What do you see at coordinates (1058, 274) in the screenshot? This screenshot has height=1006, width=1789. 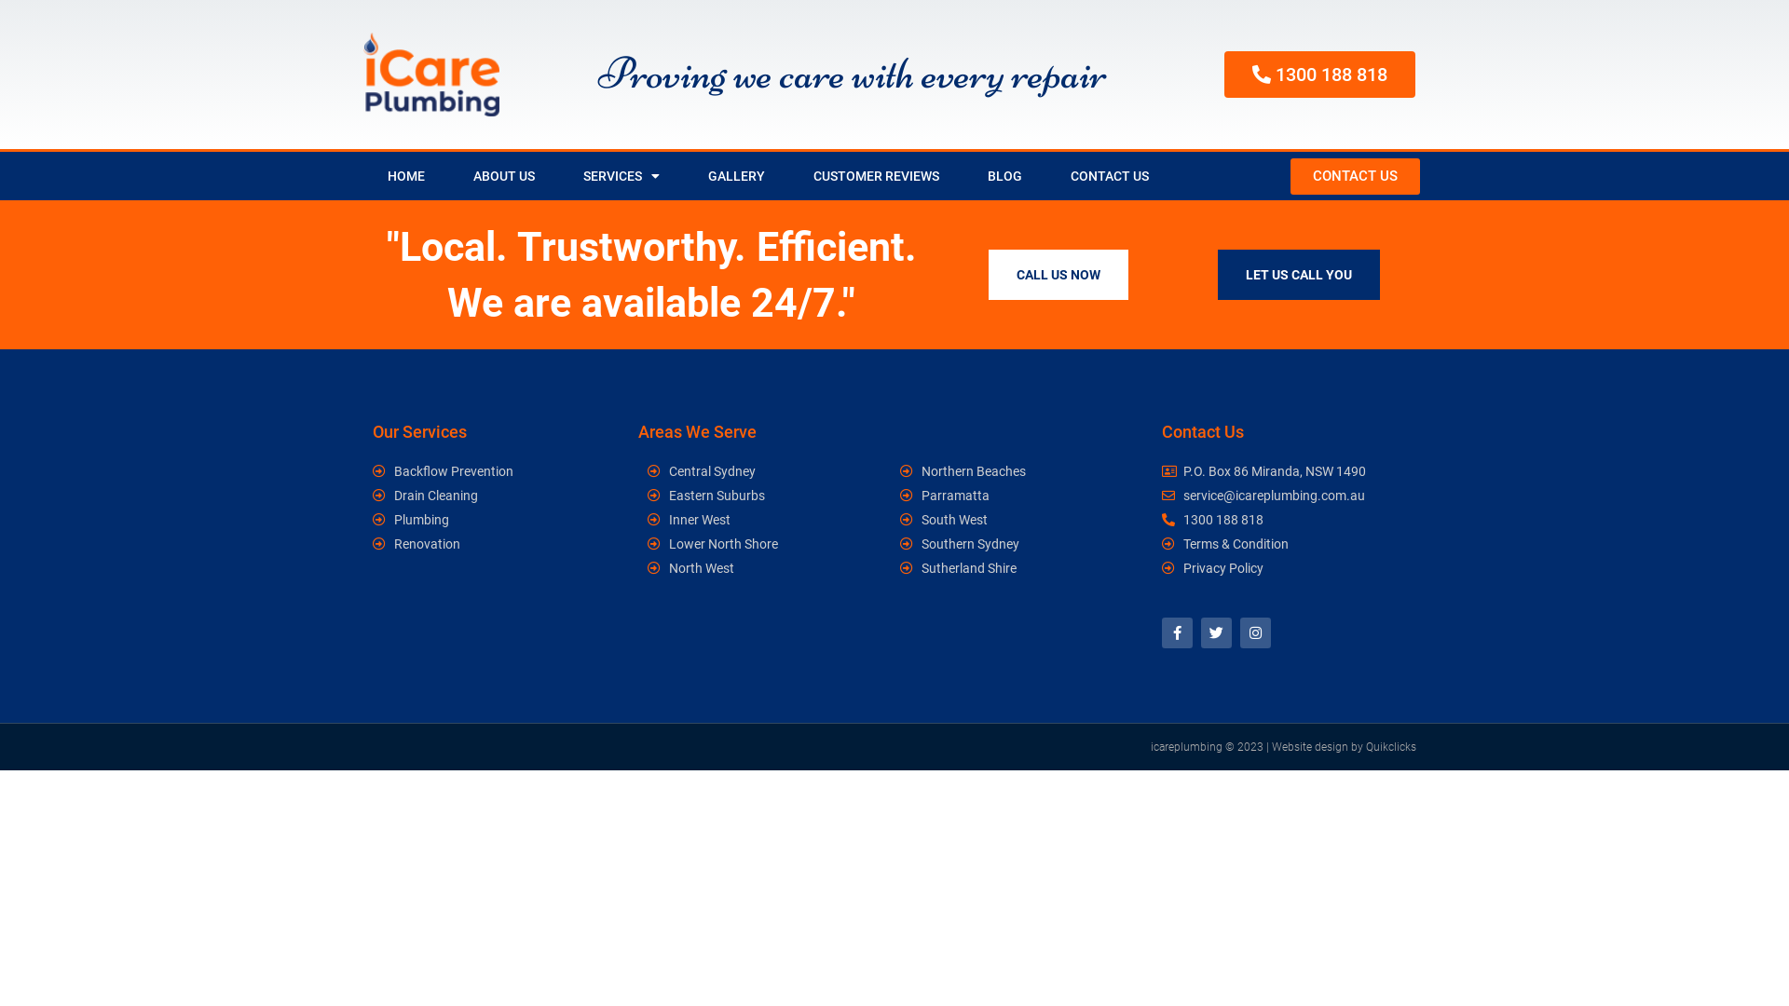 I see `'CALL US NOW'` at bounding box center [1058, 274].